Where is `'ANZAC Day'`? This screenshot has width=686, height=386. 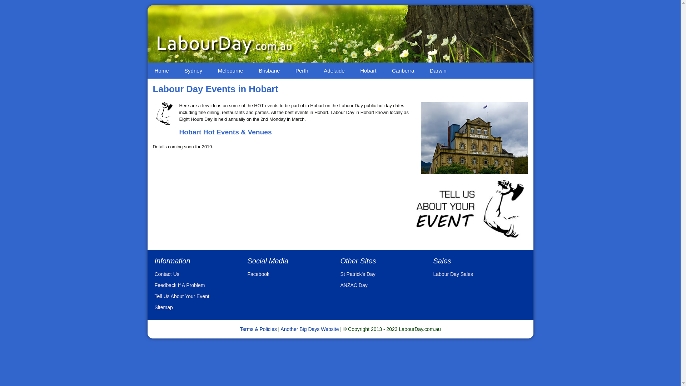
'ANZAC Day' is located at coordinates (353, 285).